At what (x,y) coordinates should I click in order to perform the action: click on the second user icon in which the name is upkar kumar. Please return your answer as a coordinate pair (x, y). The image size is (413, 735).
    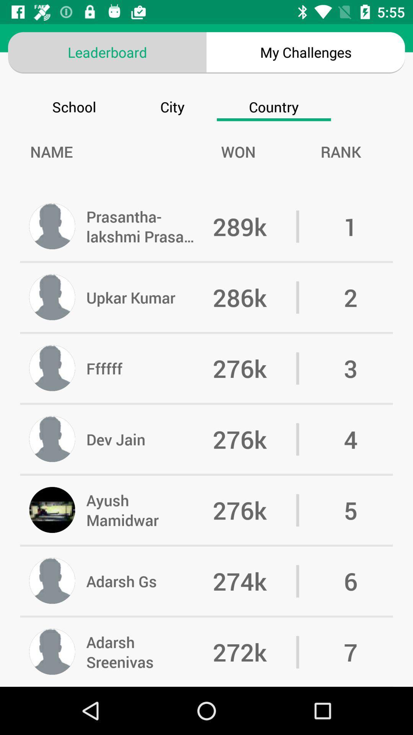
    Looking at the image, I should click on (52, 297).